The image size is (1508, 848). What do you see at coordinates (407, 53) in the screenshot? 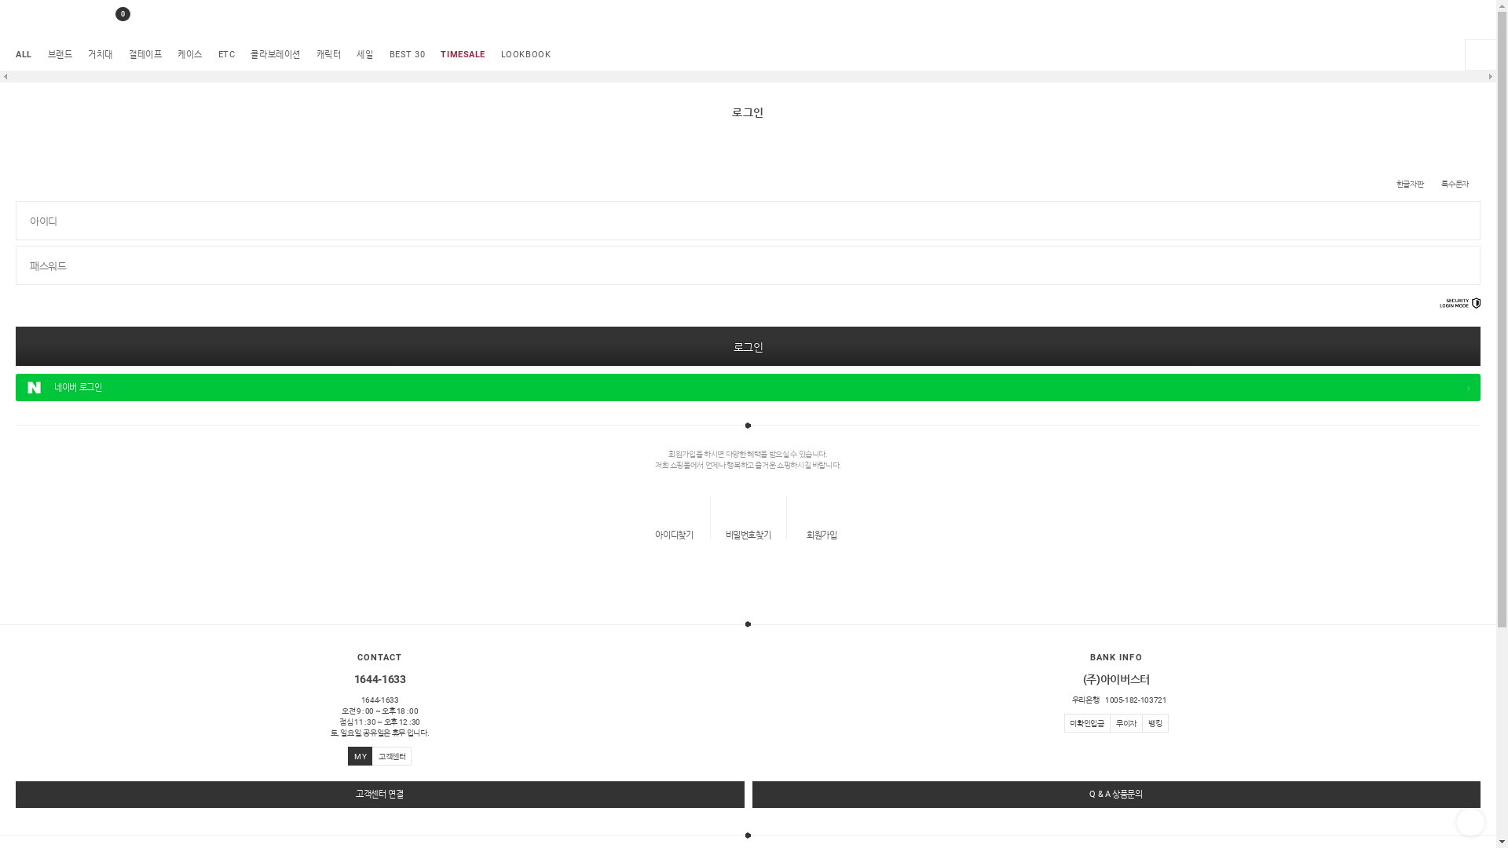
I see `'BEST 30'` at bounding box center [407, 53].